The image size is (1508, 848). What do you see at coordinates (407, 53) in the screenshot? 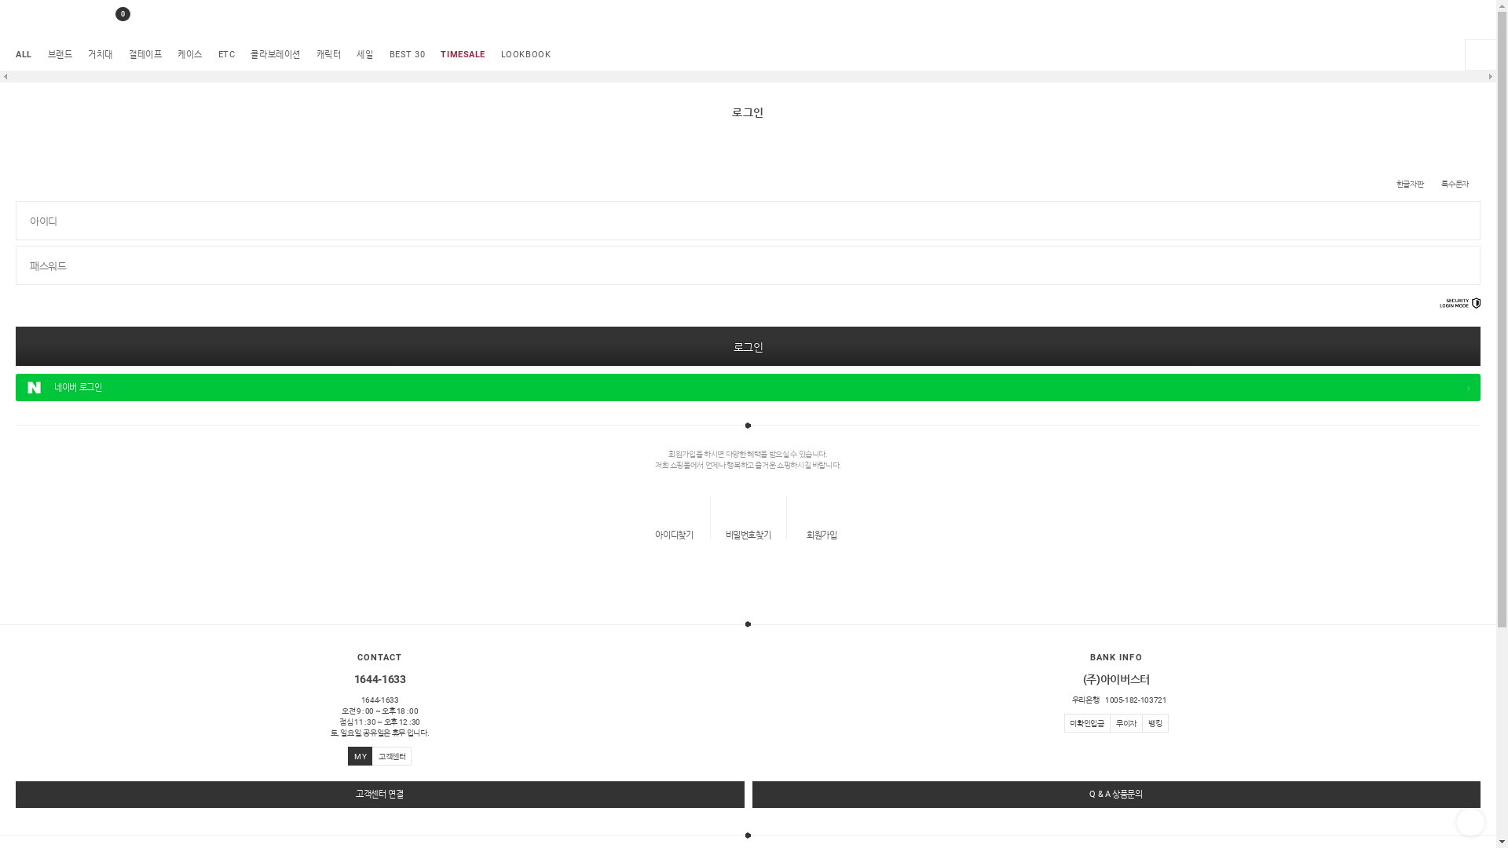
I see `'BEST 30'` at bounding box center [407, 53].